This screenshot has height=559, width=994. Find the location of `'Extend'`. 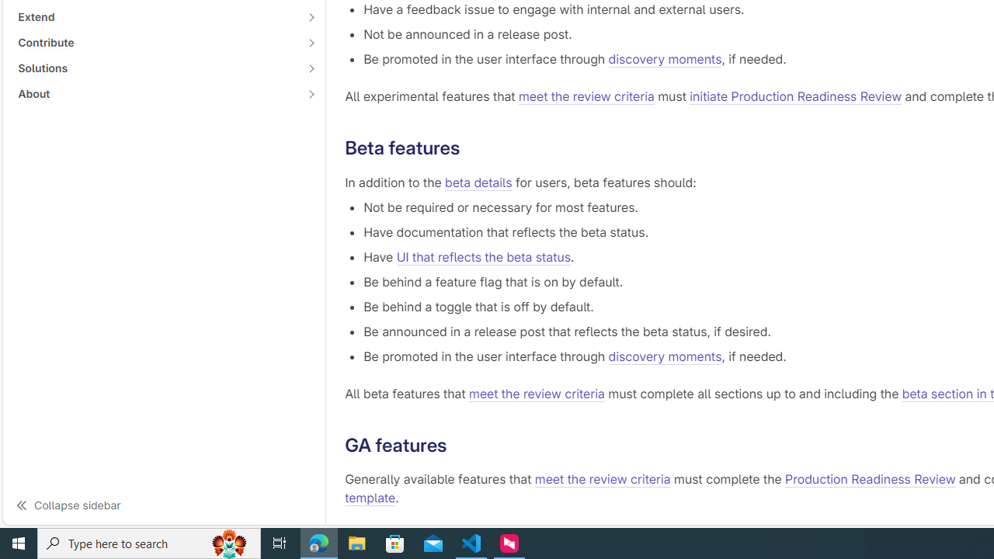

'Extend' is located at coordinates (155, 16).